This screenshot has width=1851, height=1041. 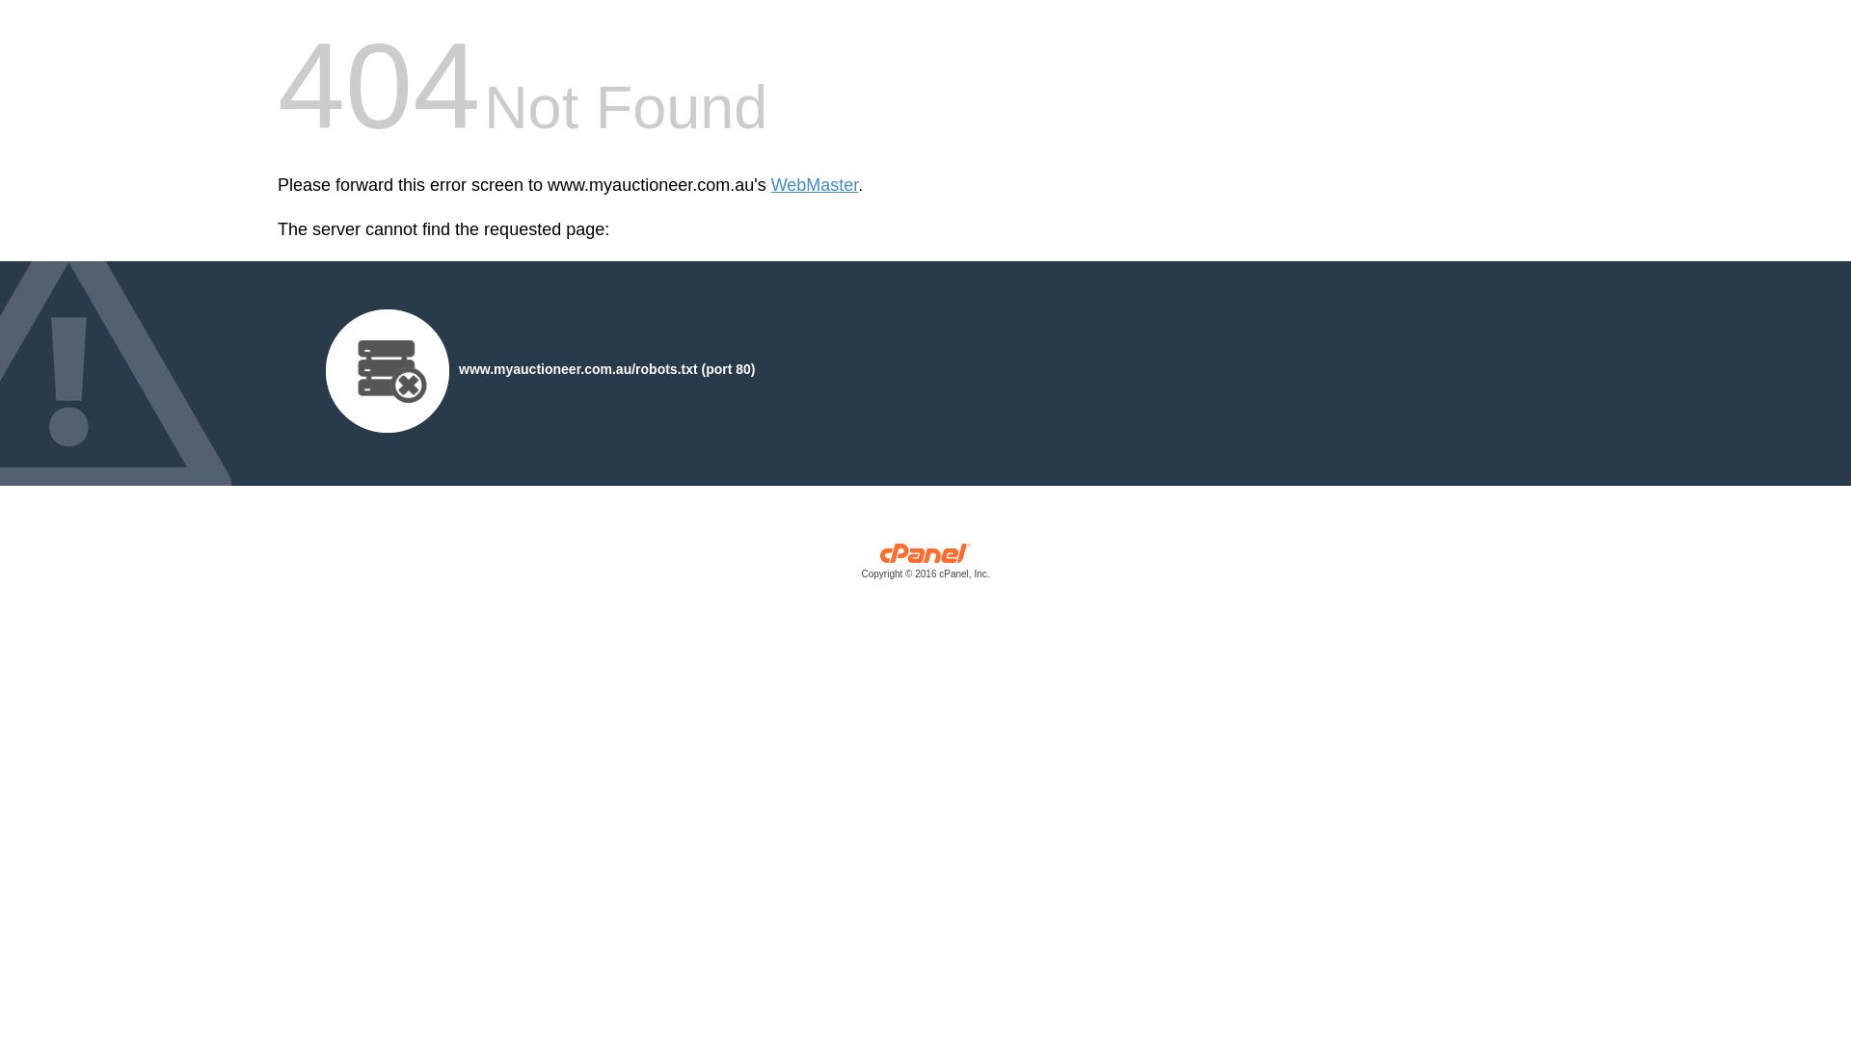 I want to click on 'WebMaster', so click(x=771, y=185).